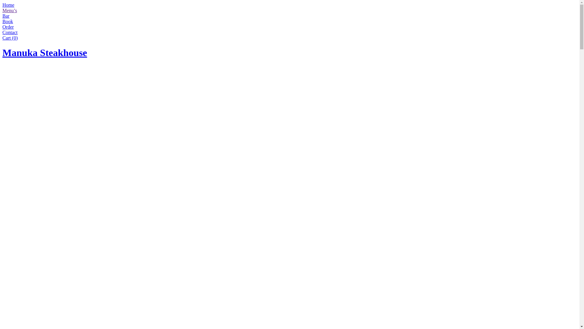  Describe the element at coordinates (8, 27) in the screenshot. I see `'Order'` at that location.